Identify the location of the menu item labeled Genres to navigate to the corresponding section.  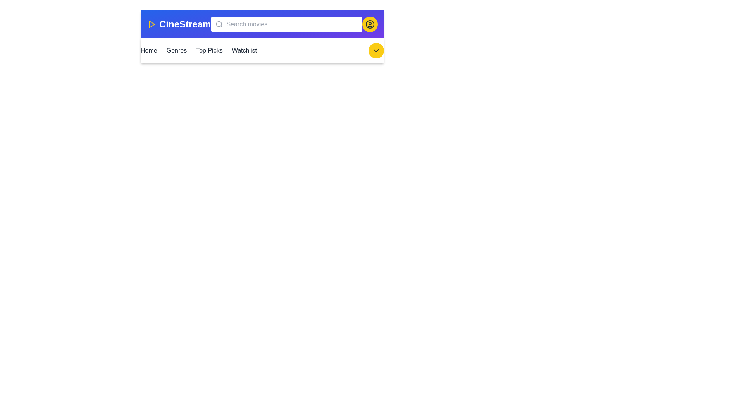
(176, 51).